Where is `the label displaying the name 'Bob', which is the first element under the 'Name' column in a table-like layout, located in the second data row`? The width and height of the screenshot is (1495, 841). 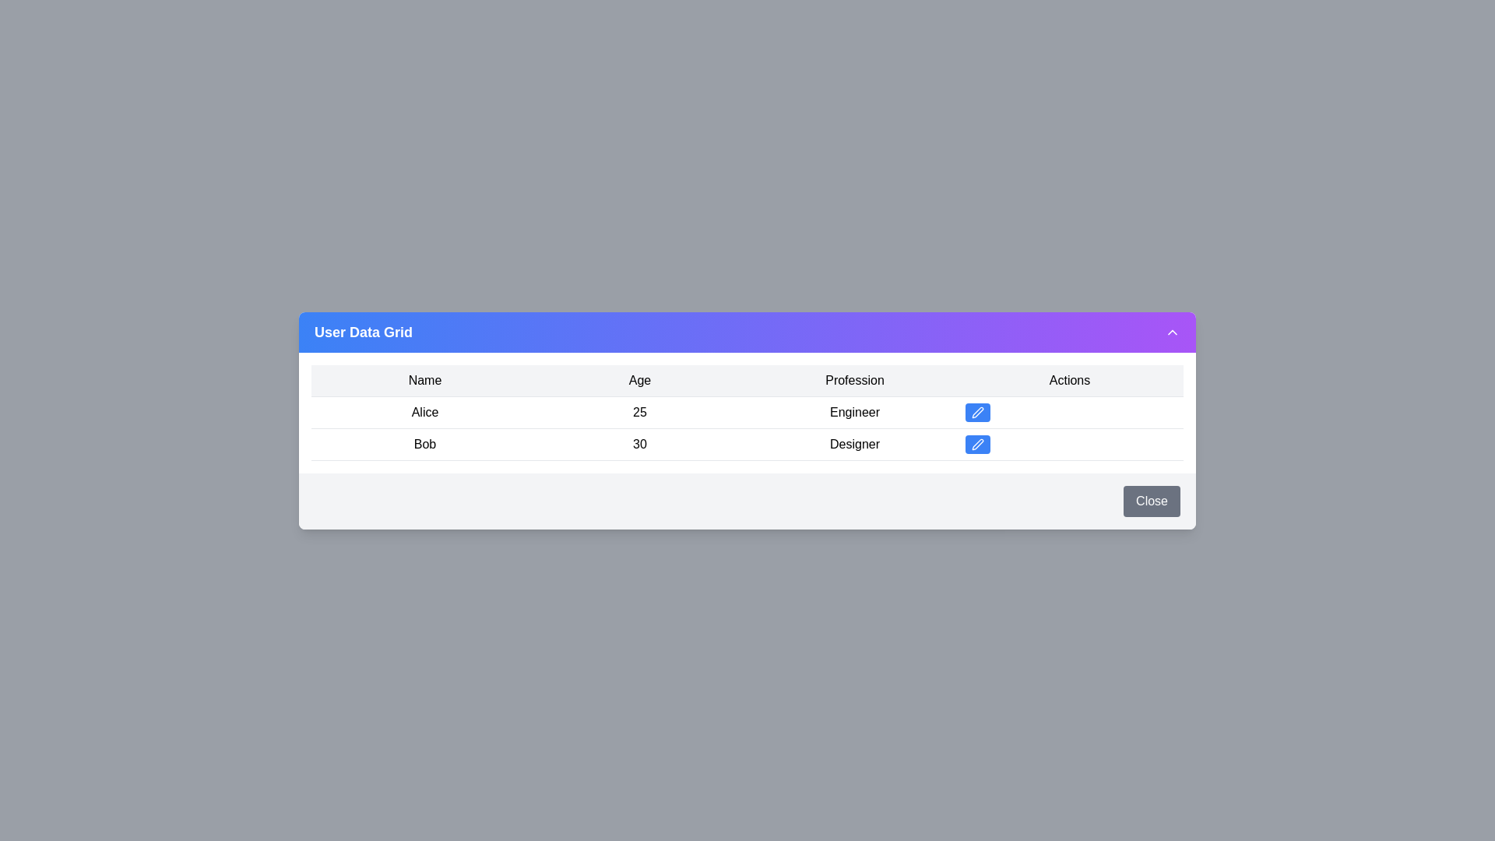
the label displaying the name 'Bob', which is the first element under the 'Name' column in a table-like layout, located in the second data row is located at coordinates (425, 444).